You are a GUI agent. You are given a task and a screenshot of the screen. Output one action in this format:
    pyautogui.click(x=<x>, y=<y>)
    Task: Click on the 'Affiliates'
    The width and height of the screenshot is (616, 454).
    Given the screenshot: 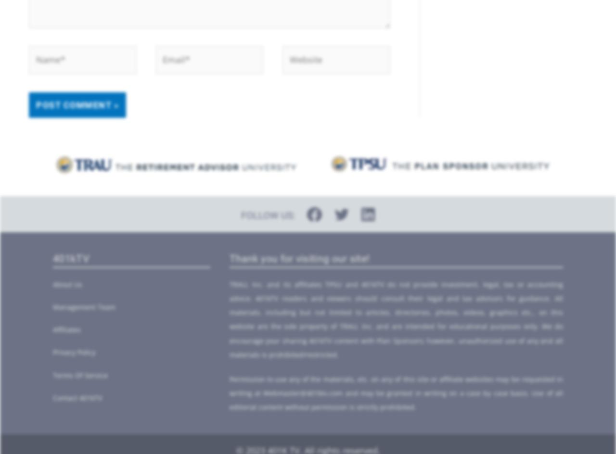 What is the action you would take?
    pyautogui.click(x=66, y=329)
    